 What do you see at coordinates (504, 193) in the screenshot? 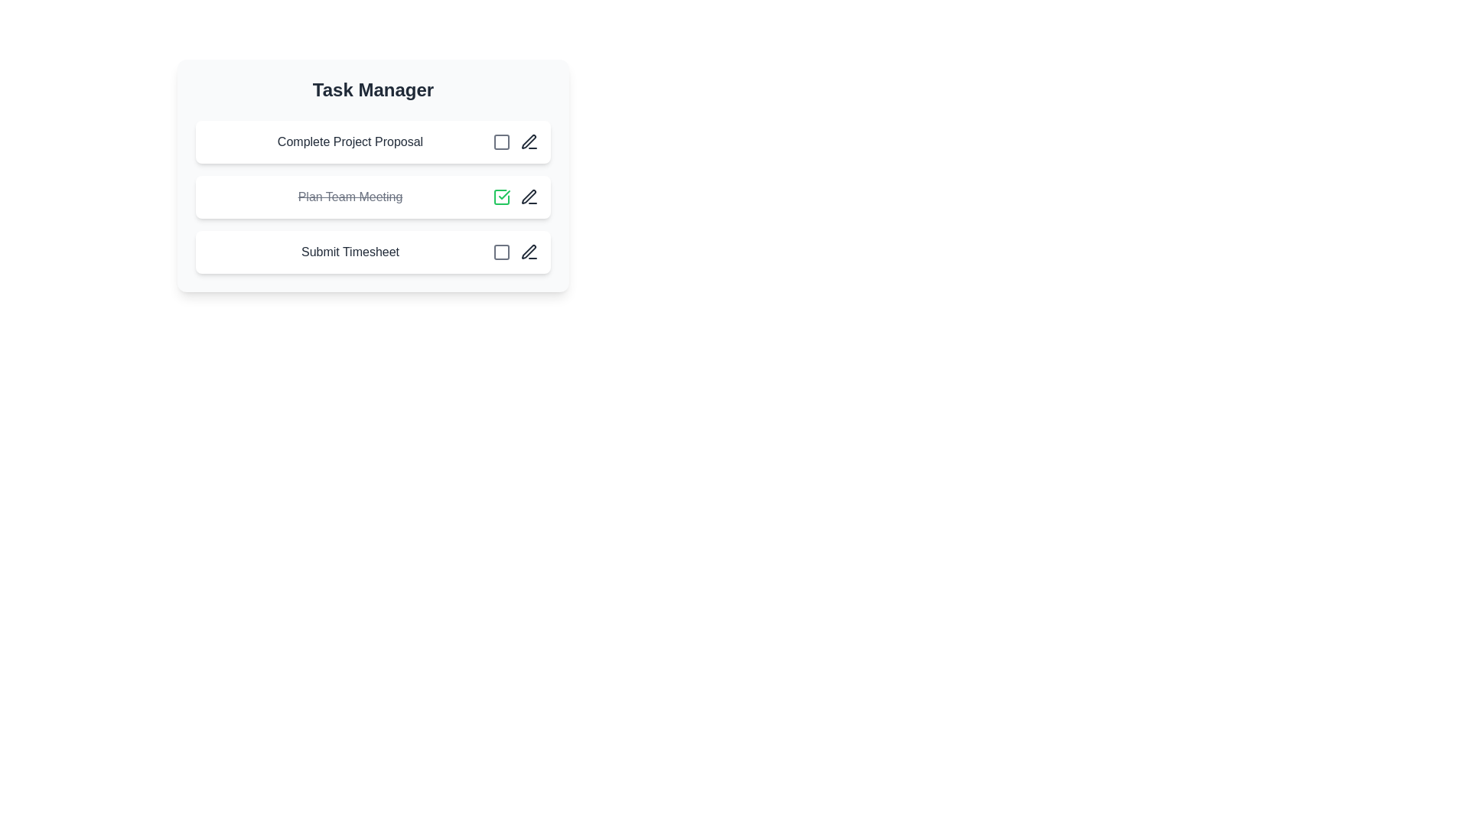
I see `the green checkmark icon located in the second row of the task list interface, which indicates task completion, positioned to the left of the edit pencil icon` at bounding box center [504, 193].